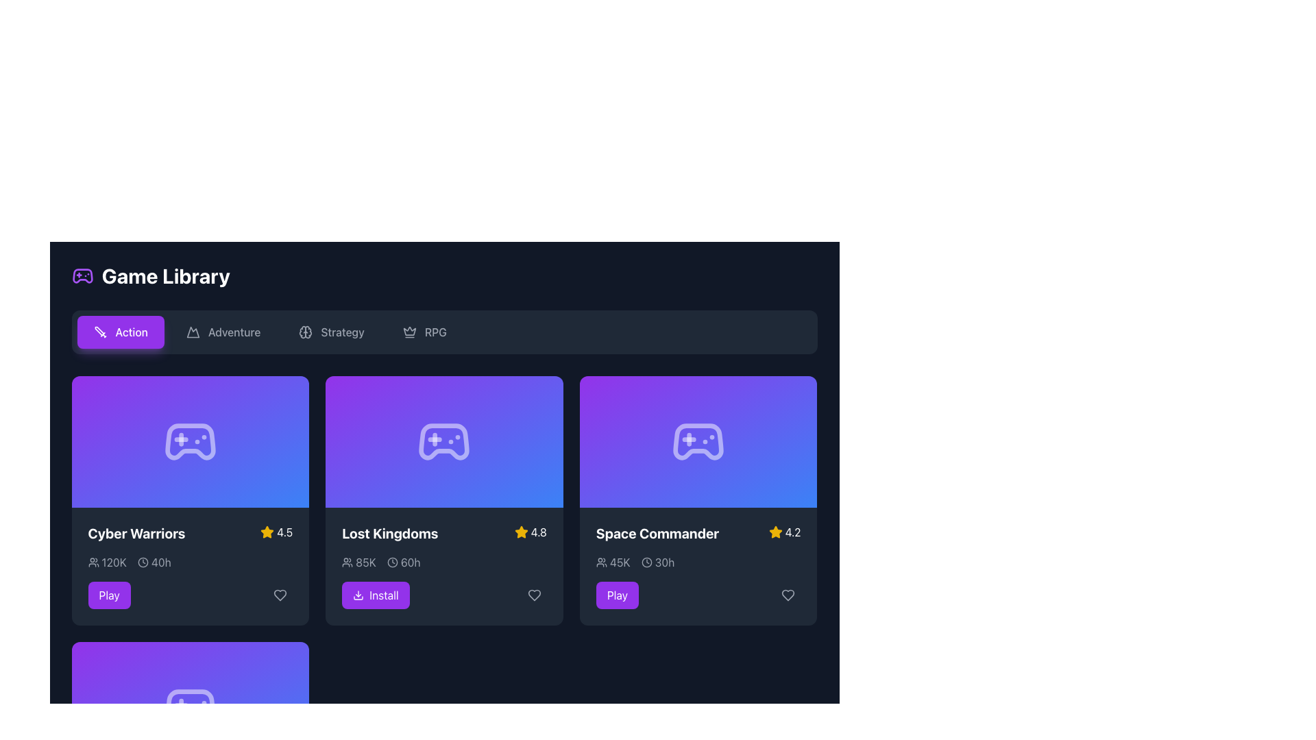 The width and height of the screenshot is (1316, 740). I want to click on the static text label displaying the numerical rating value '4.2', which is styled with white text color on a dark background and positioned near a yellow star icon in the 'Space Commander' card, so click(792, 531).